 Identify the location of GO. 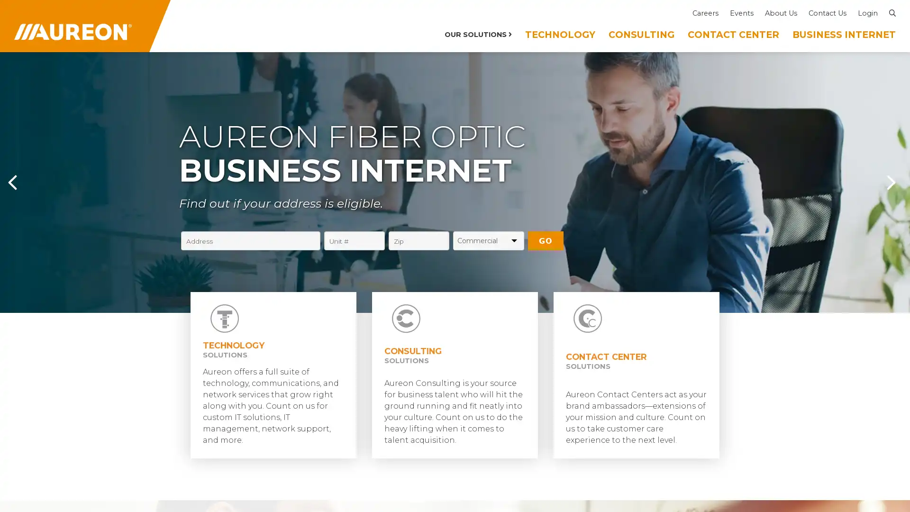
(545, 240).